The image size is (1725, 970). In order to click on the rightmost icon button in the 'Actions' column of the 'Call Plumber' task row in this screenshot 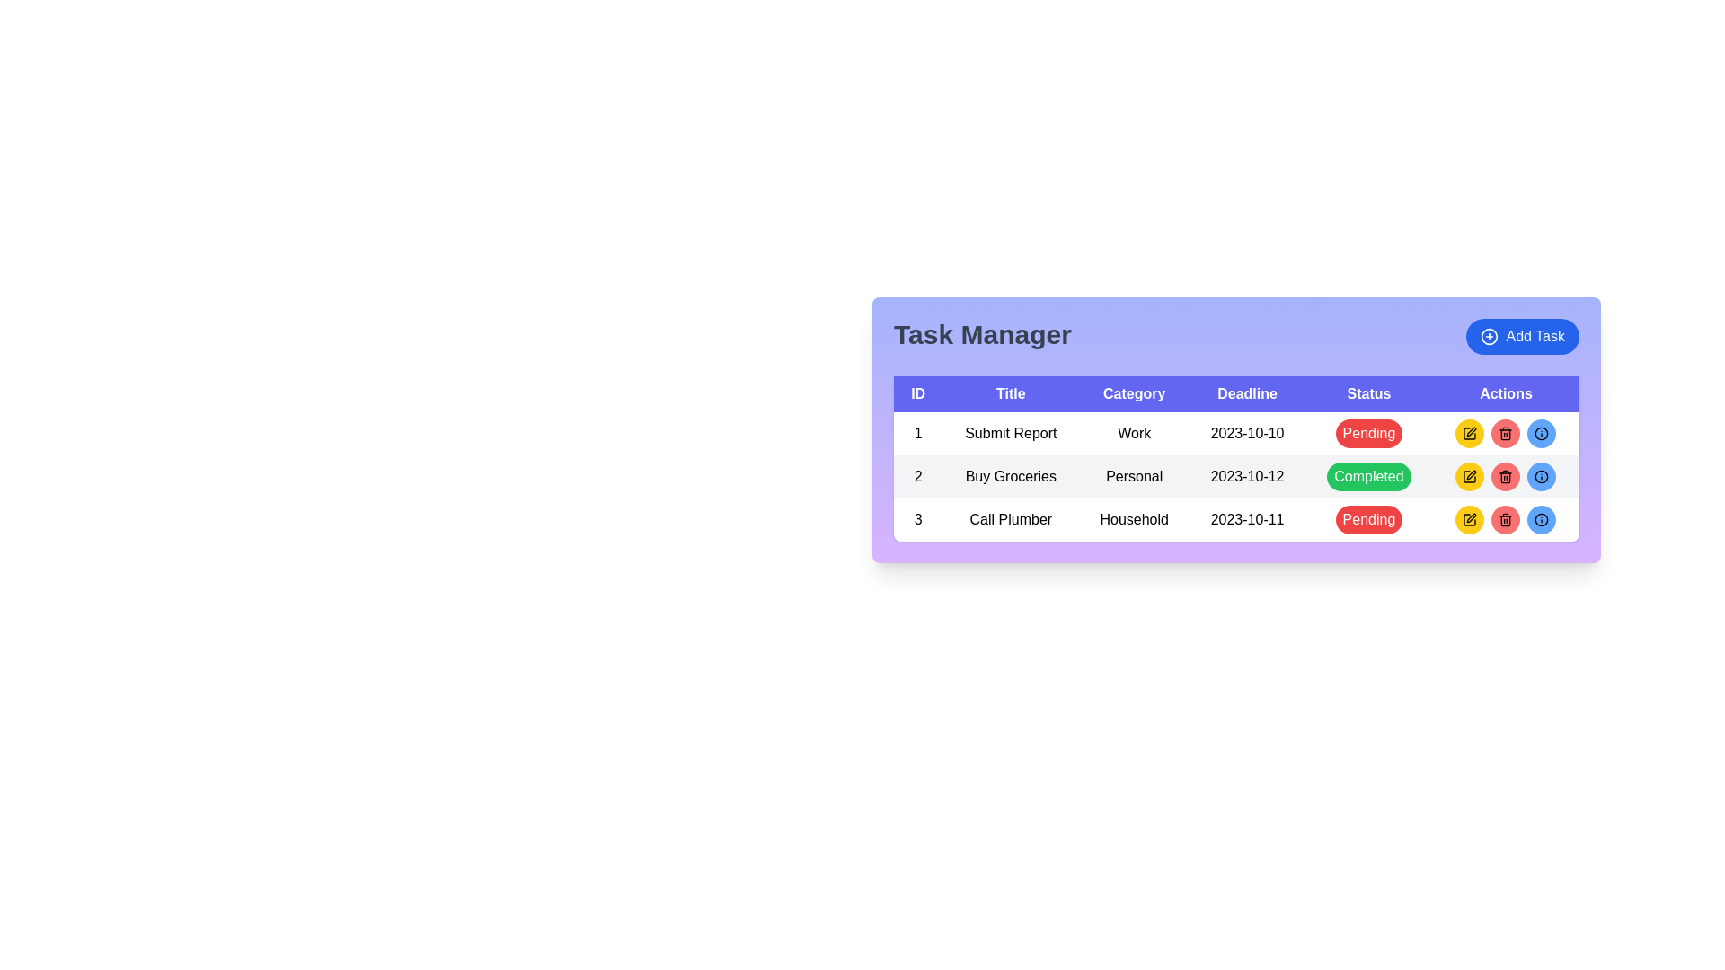, I will do `click(1541, 476)`.